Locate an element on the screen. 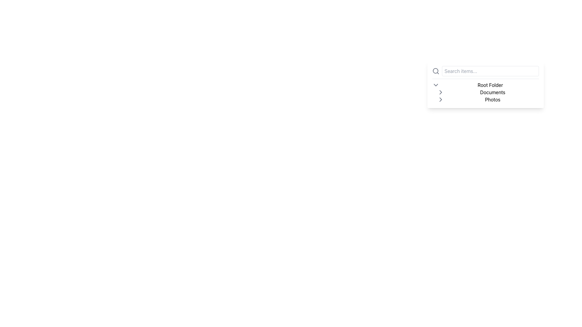 This screenshot has height=327, width=582. the 'Root Folder' text label, which is the first item in a vertical list of folders is located at coordinates (485, 85).